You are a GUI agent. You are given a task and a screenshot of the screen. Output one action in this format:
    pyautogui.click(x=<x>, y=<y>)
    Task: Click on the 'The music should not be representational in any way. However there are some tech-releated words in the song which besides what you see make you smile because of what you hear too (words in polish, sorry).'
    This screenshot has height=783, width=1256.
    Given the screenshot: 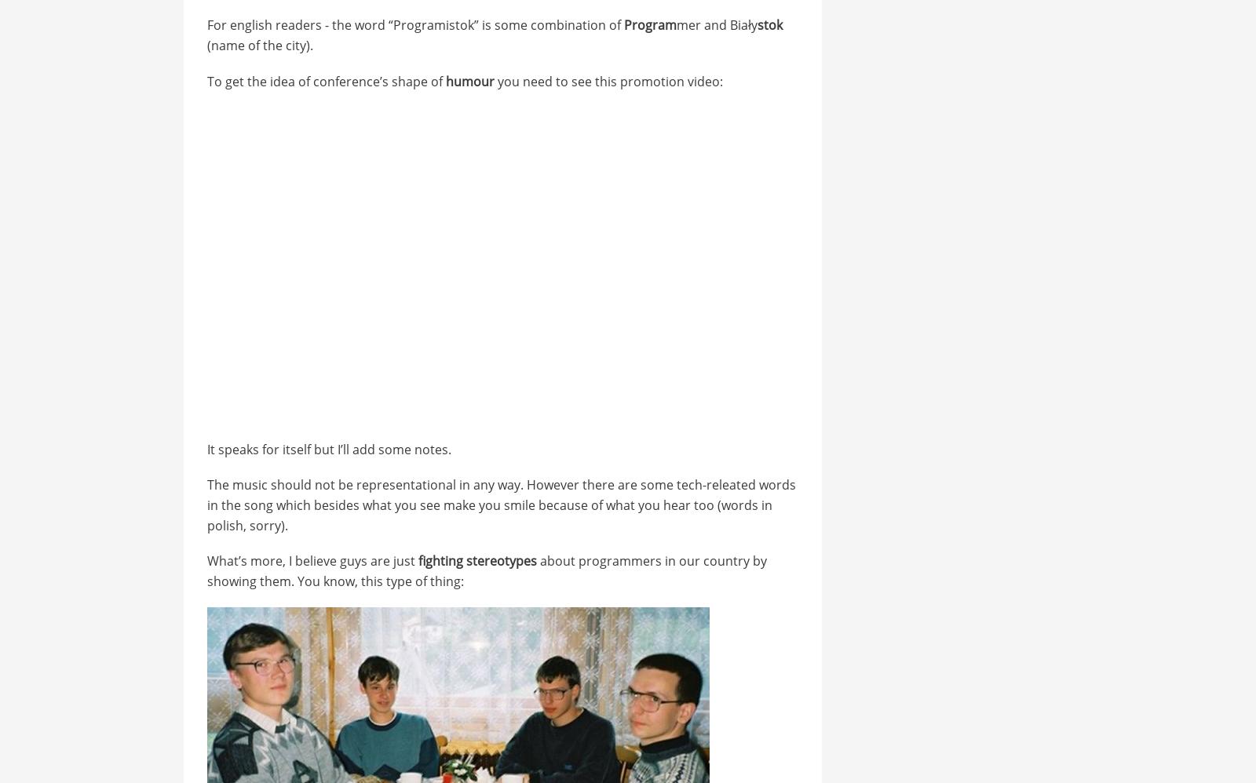 What is the action you would take?
    pyautogui.click(x=501, y=504)
    